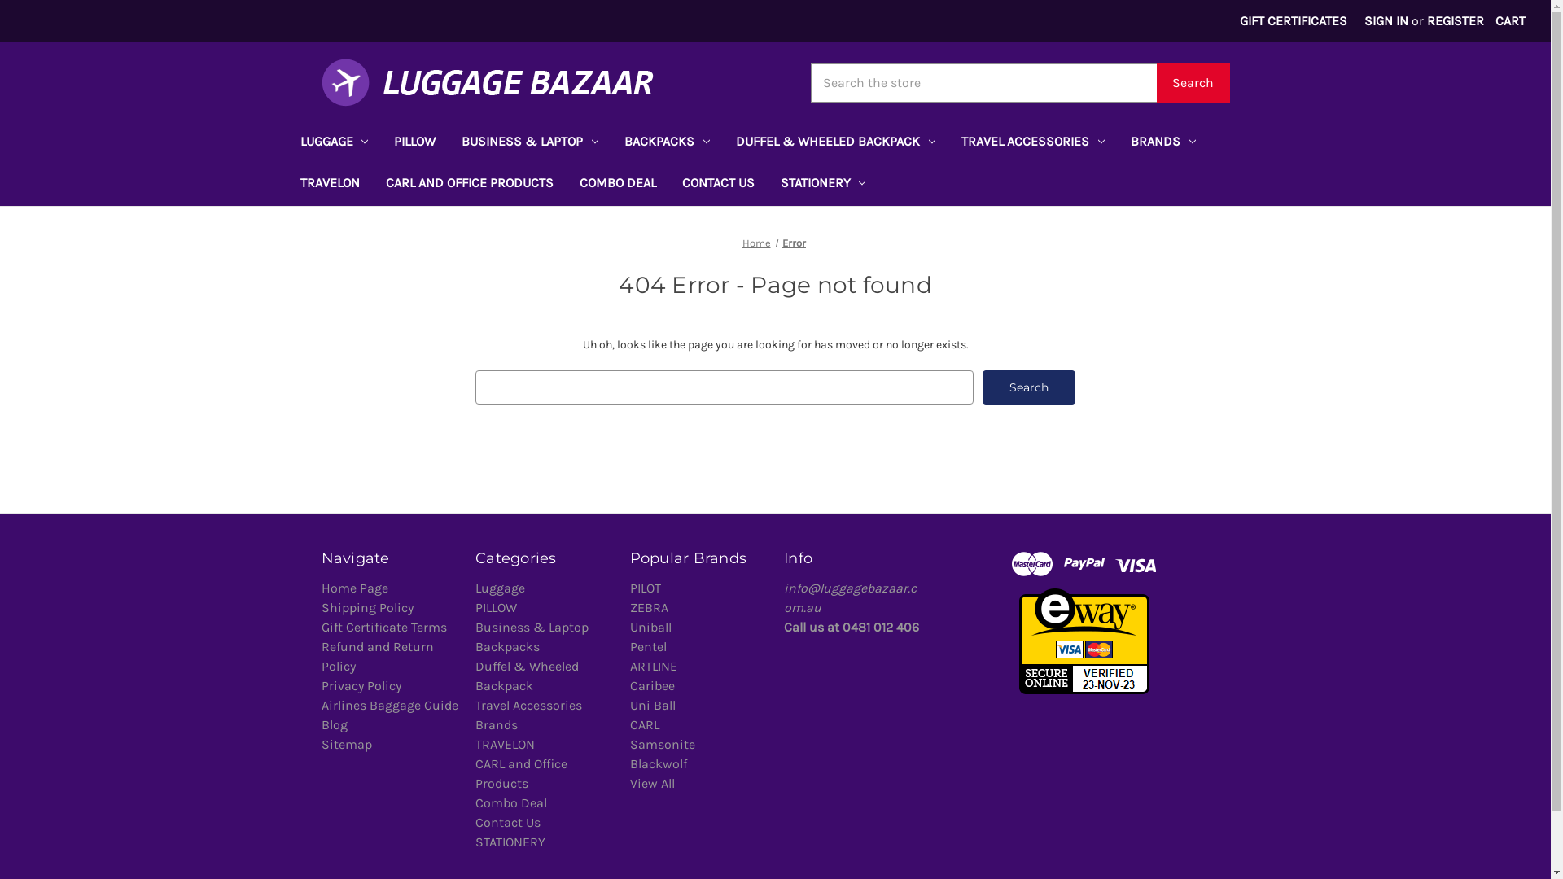  What do you see at coordinates (1027, 387) in the screenshot?
I see `'Search'` at bounding box center [1027, 387].